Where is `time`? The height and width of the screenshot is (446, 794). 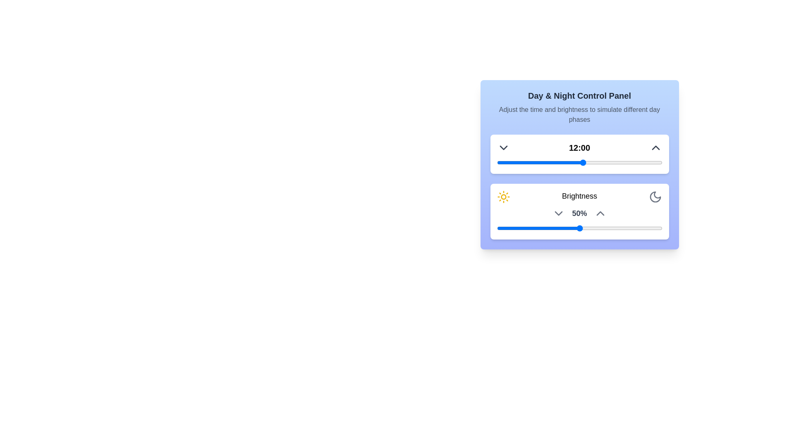 time is located at coordinates (547, 162).